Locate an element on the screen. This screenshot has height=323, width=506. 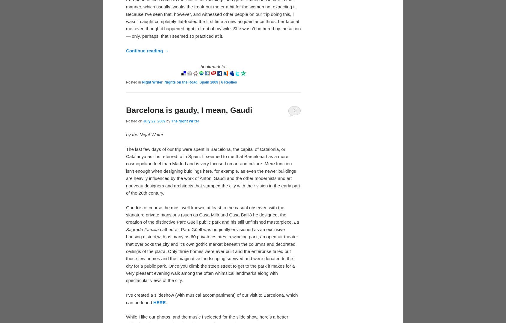
'The Night Writer' is located at coordinates (171, 120).